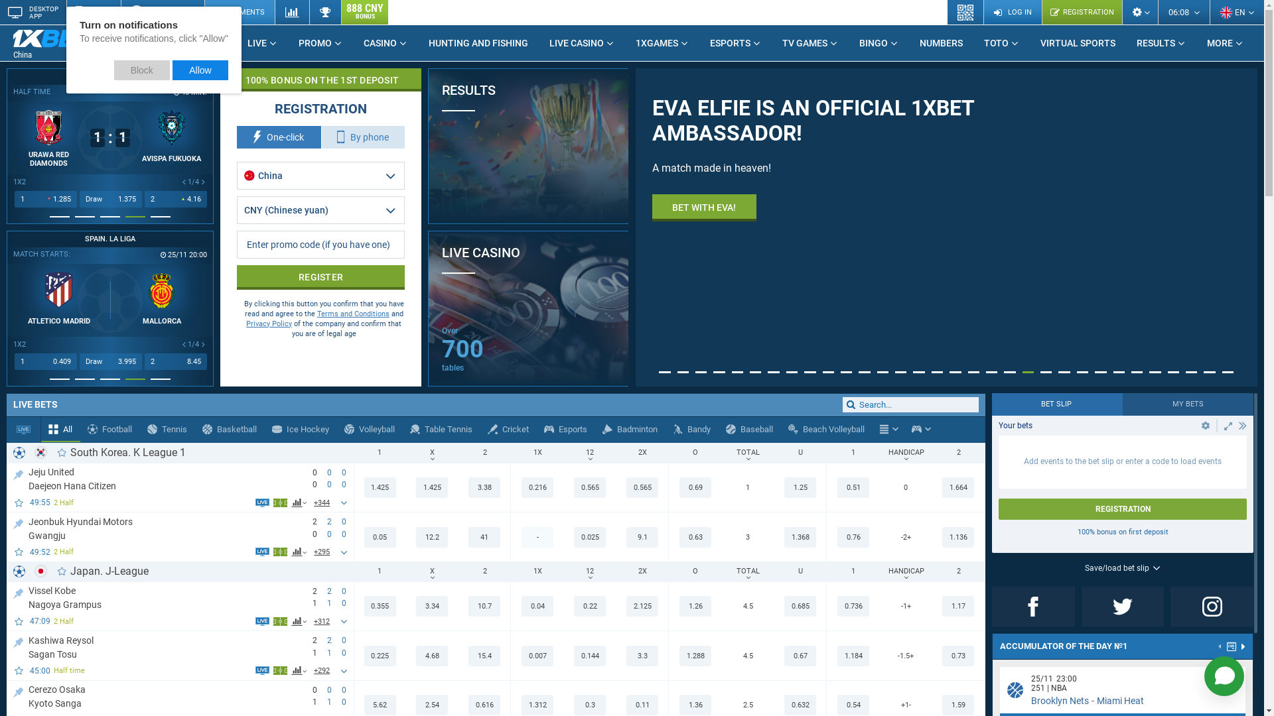 This screenshot has width=1274, height=716. What do you see at coordinates (92, 12) in the screenshot?
I see `'MOBILE` at bounding box center [92, 12].